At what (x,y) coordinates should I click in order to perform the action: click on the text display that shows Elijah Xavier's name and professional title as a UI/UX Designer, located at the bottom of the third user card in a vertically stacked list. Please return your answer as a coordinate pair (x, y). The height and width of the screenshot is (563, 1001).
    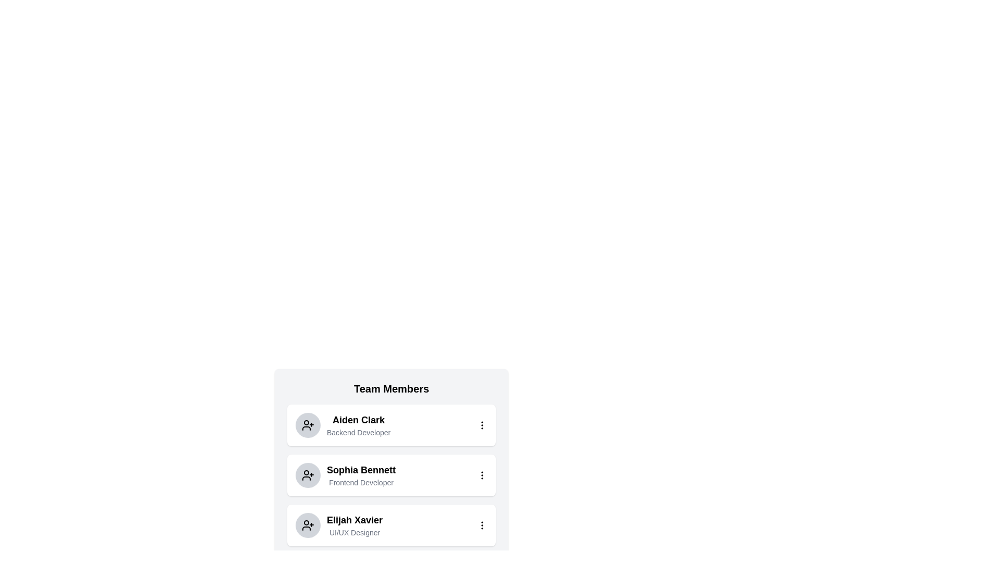
    Looking at the image, I should click on (355, 525).